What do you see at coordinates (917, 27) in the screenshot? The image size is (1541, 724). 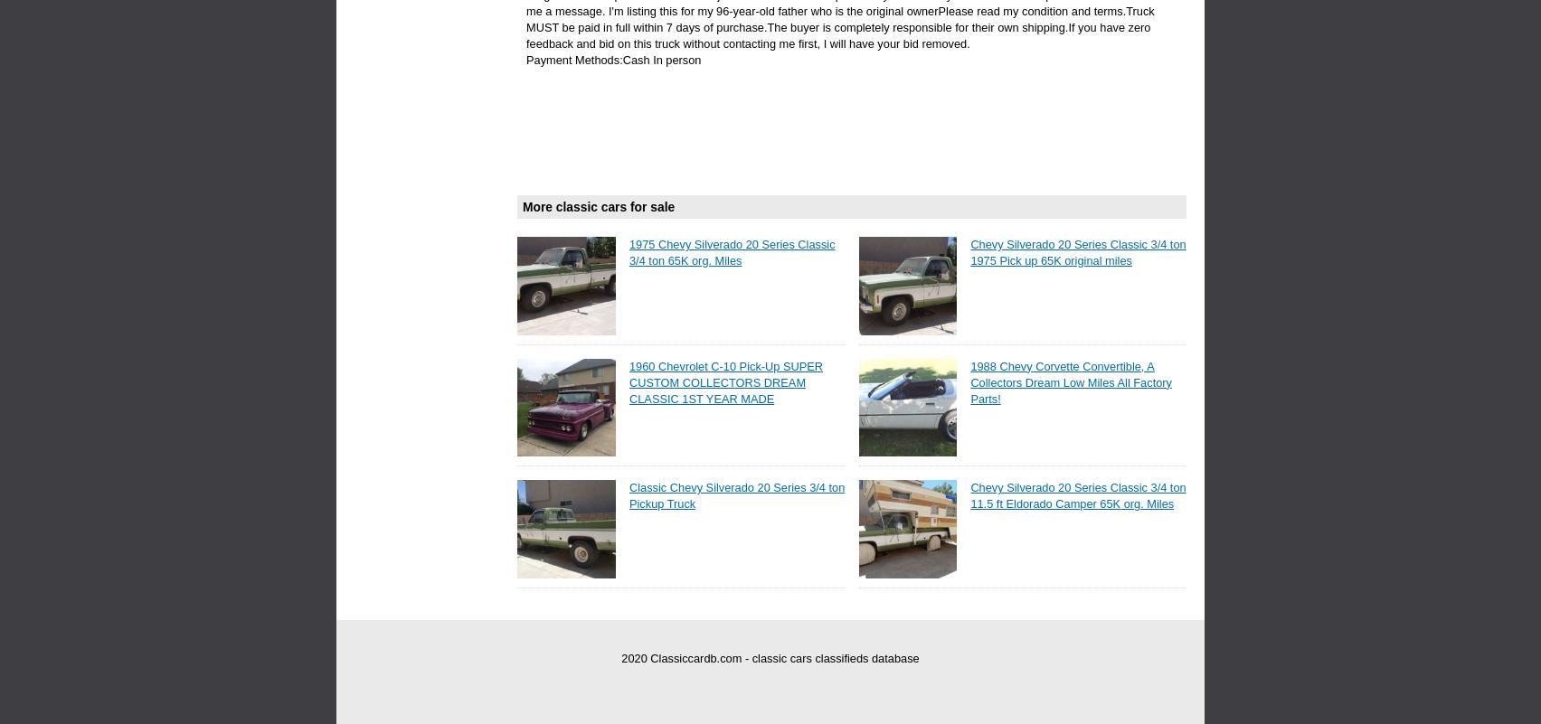 I see `'The buyer is completely responsible for their own shipping.'` at bounding box center [917, 27].